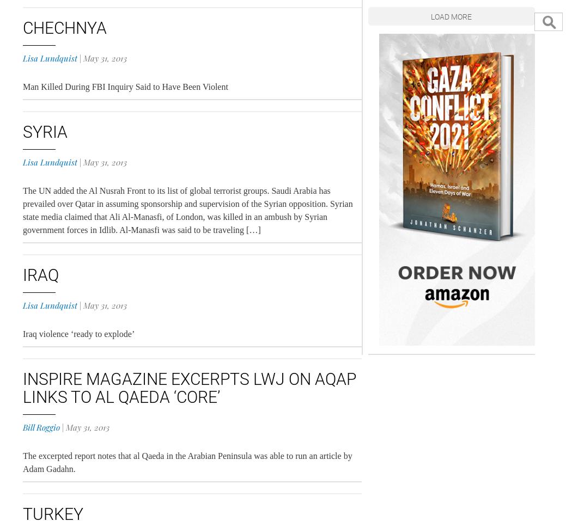  I want to click on 'Syria', so click(45, 131).